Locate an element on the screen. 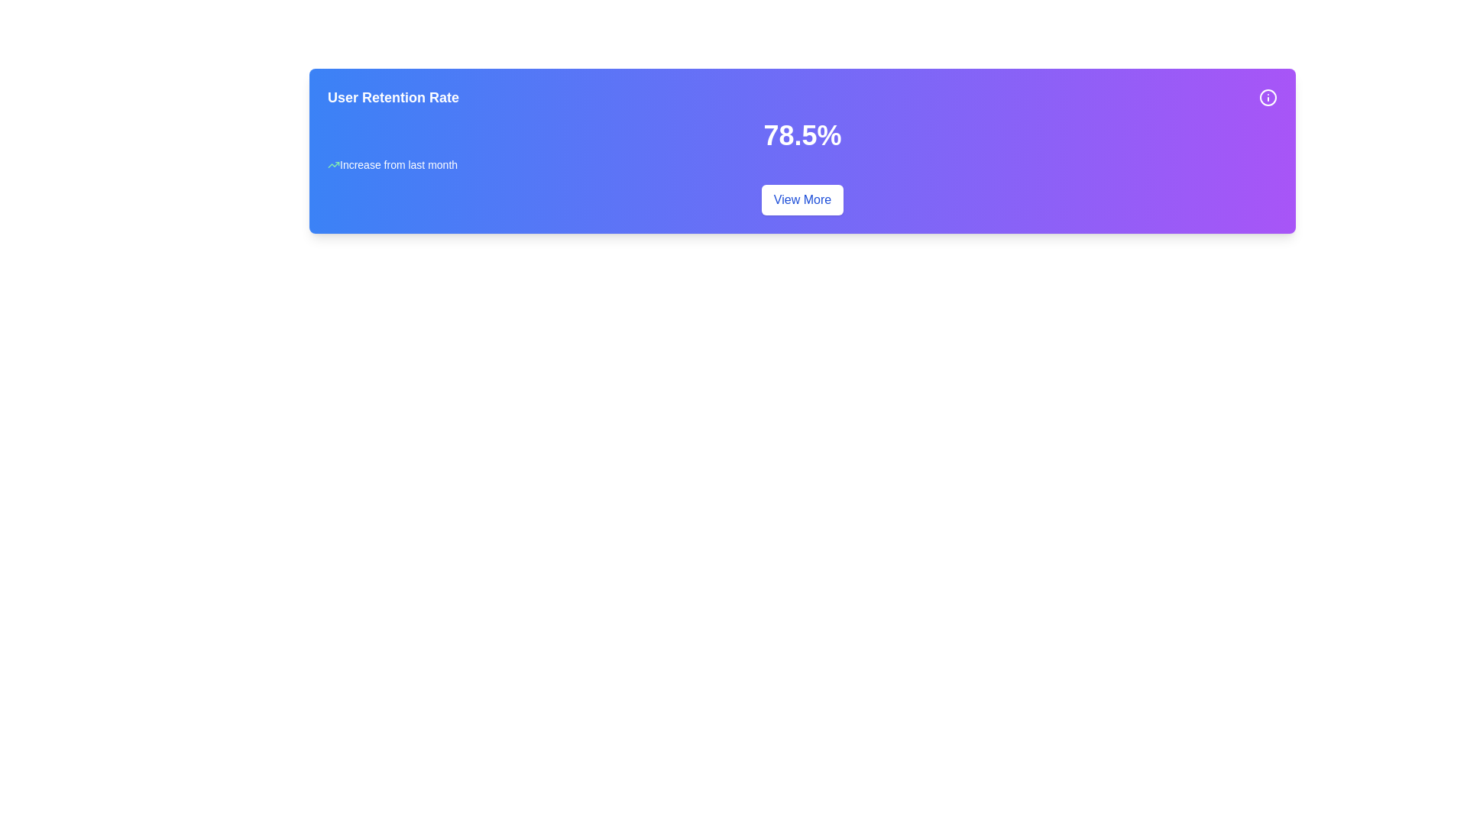 This screenshot has height=825, width=1467. the 'View More' button with a white background and blue text to trigger the background color change effect is located at coordinates (802, 199).